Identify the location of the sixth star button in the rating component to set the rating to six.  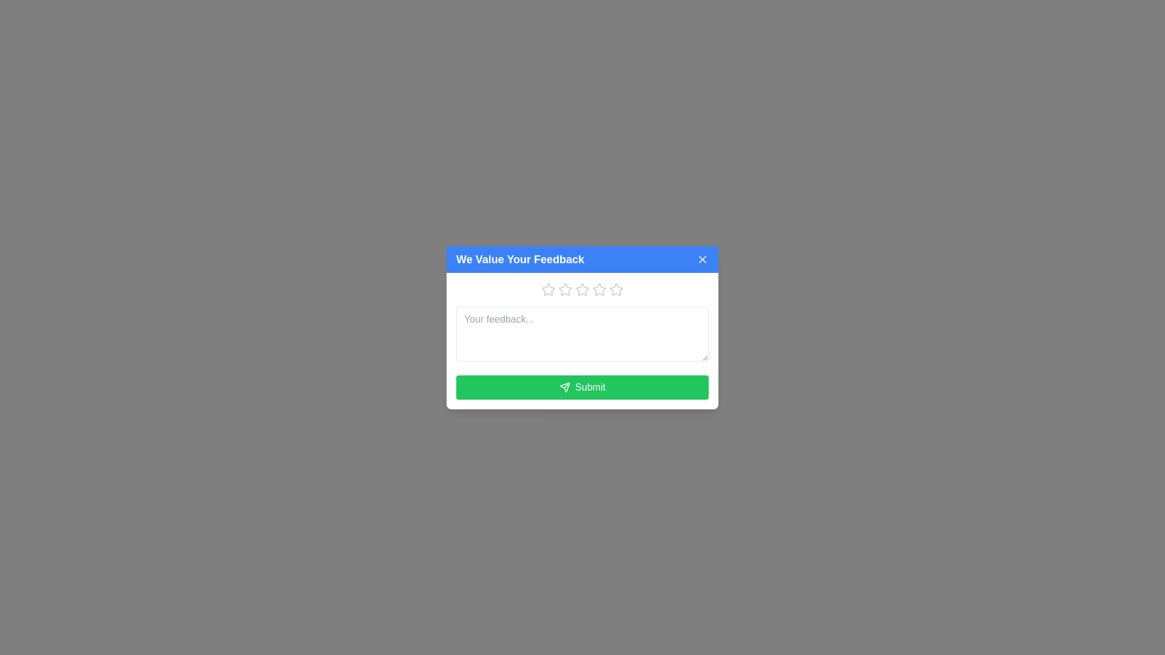
(599, 289).